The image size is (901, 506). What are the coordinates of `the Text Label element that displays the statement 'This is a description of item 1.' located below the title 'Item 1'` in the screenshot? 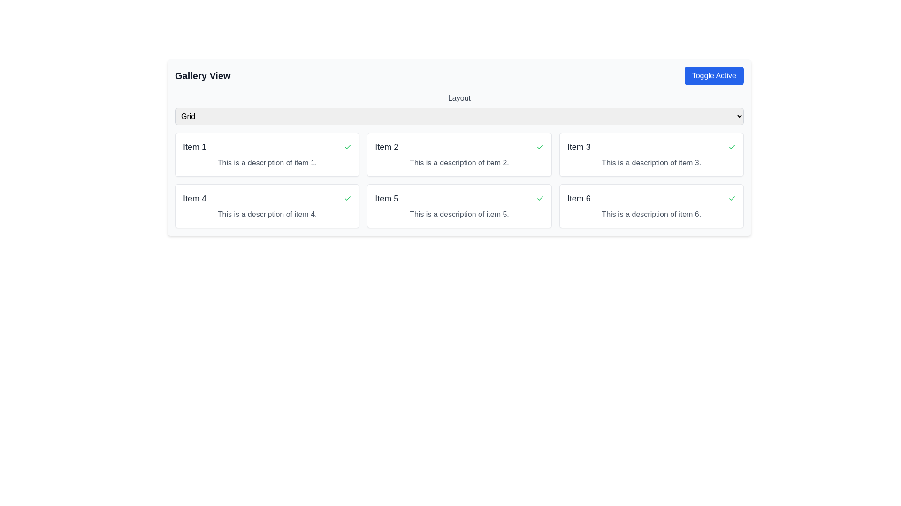 It's located at (267, 162).